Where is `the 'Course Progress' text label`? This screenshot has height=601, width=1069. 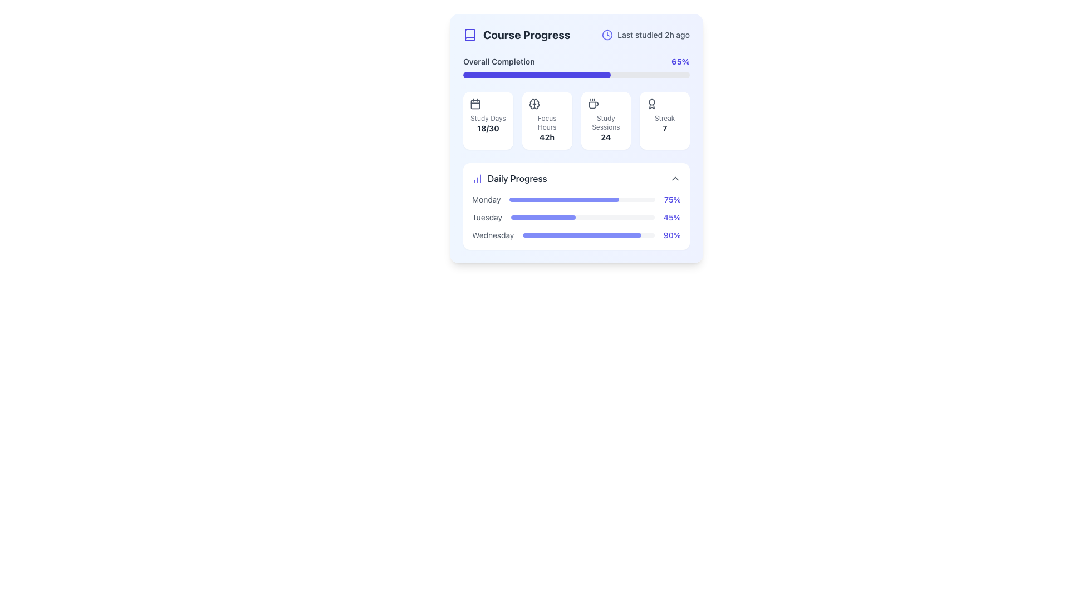 the 'Course Progress' text label is located at coordinates (526, 34).